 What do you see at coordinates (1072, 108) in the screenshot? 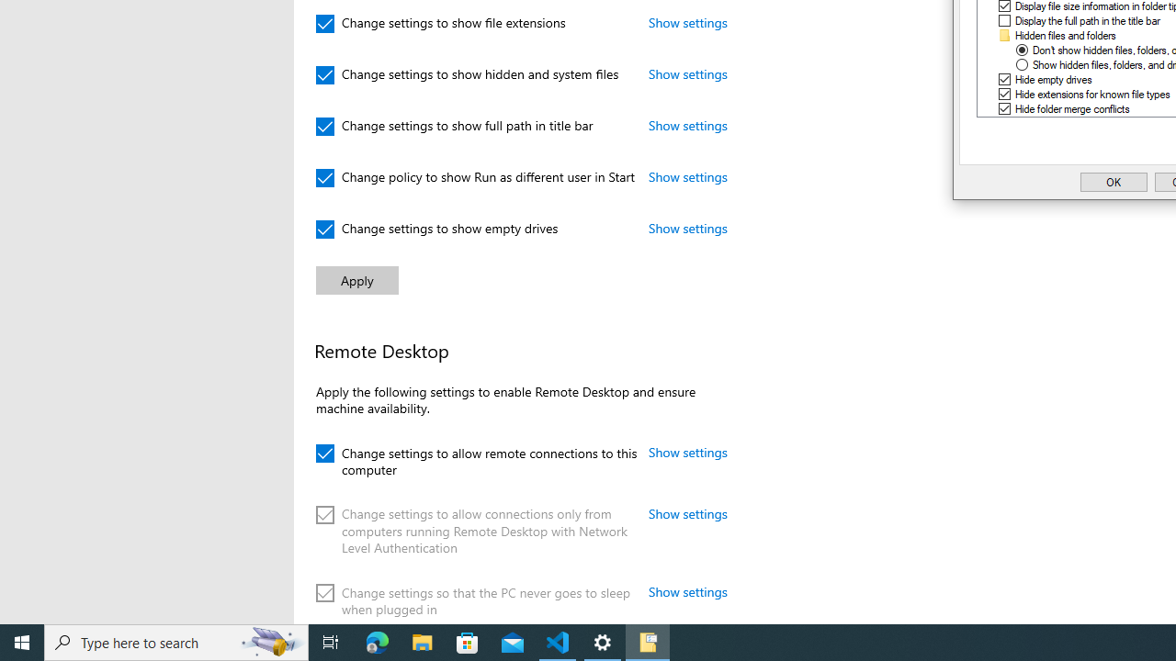
I see `'Hide folder merge conflicts'` at bounding box center [1072, 108].